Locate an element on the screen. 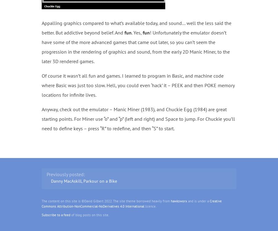  'The content on this site is ©David Gilbert 2022. The site theme borrowed heavily from' is located at coordinates (106, 201).